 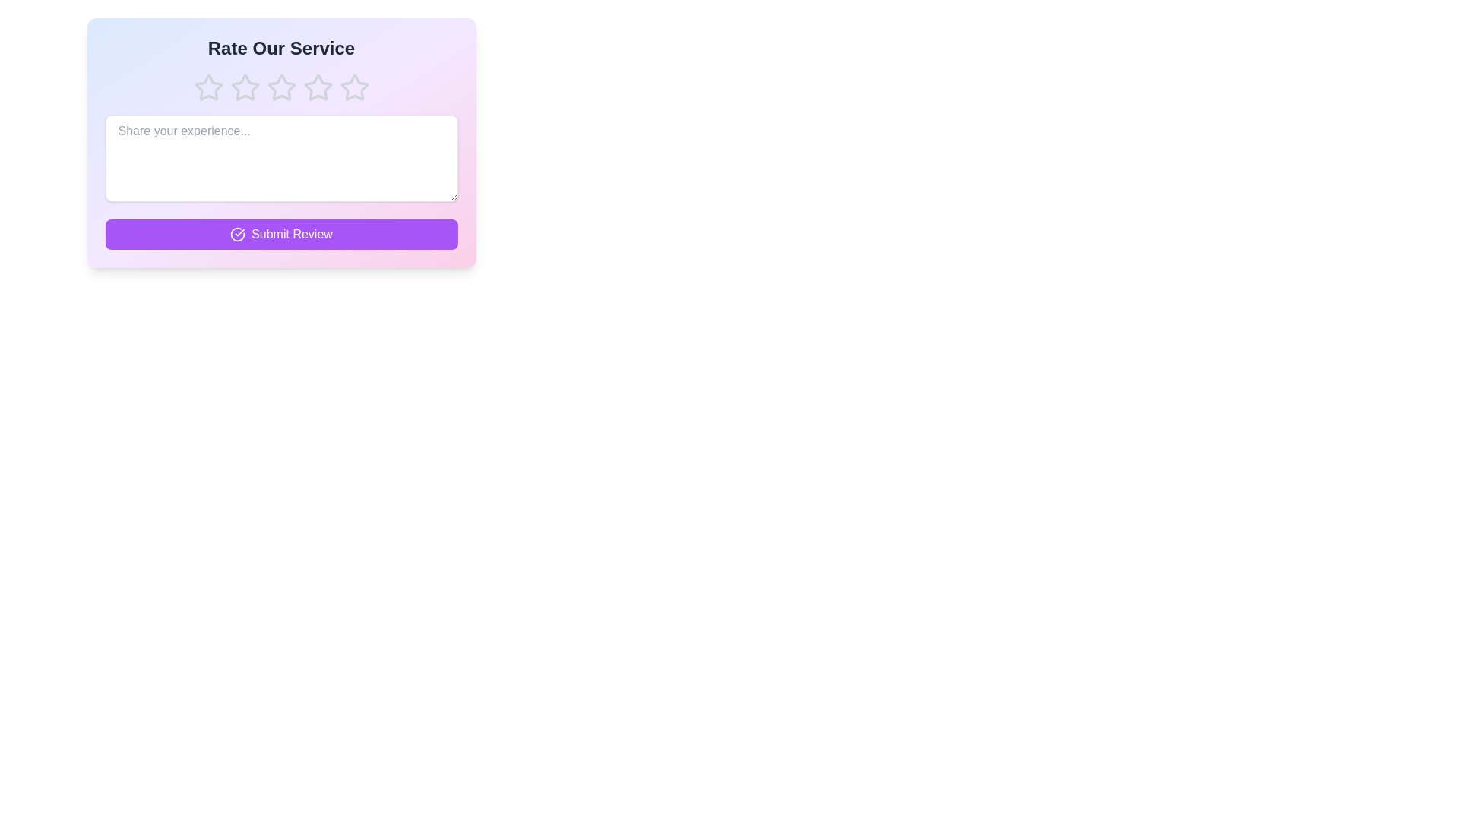 What do you see at coordinates (281, 87) in the screenshot?
I see `the star corresponding to 3 to preview the rating` at bounding box center [281, 87].